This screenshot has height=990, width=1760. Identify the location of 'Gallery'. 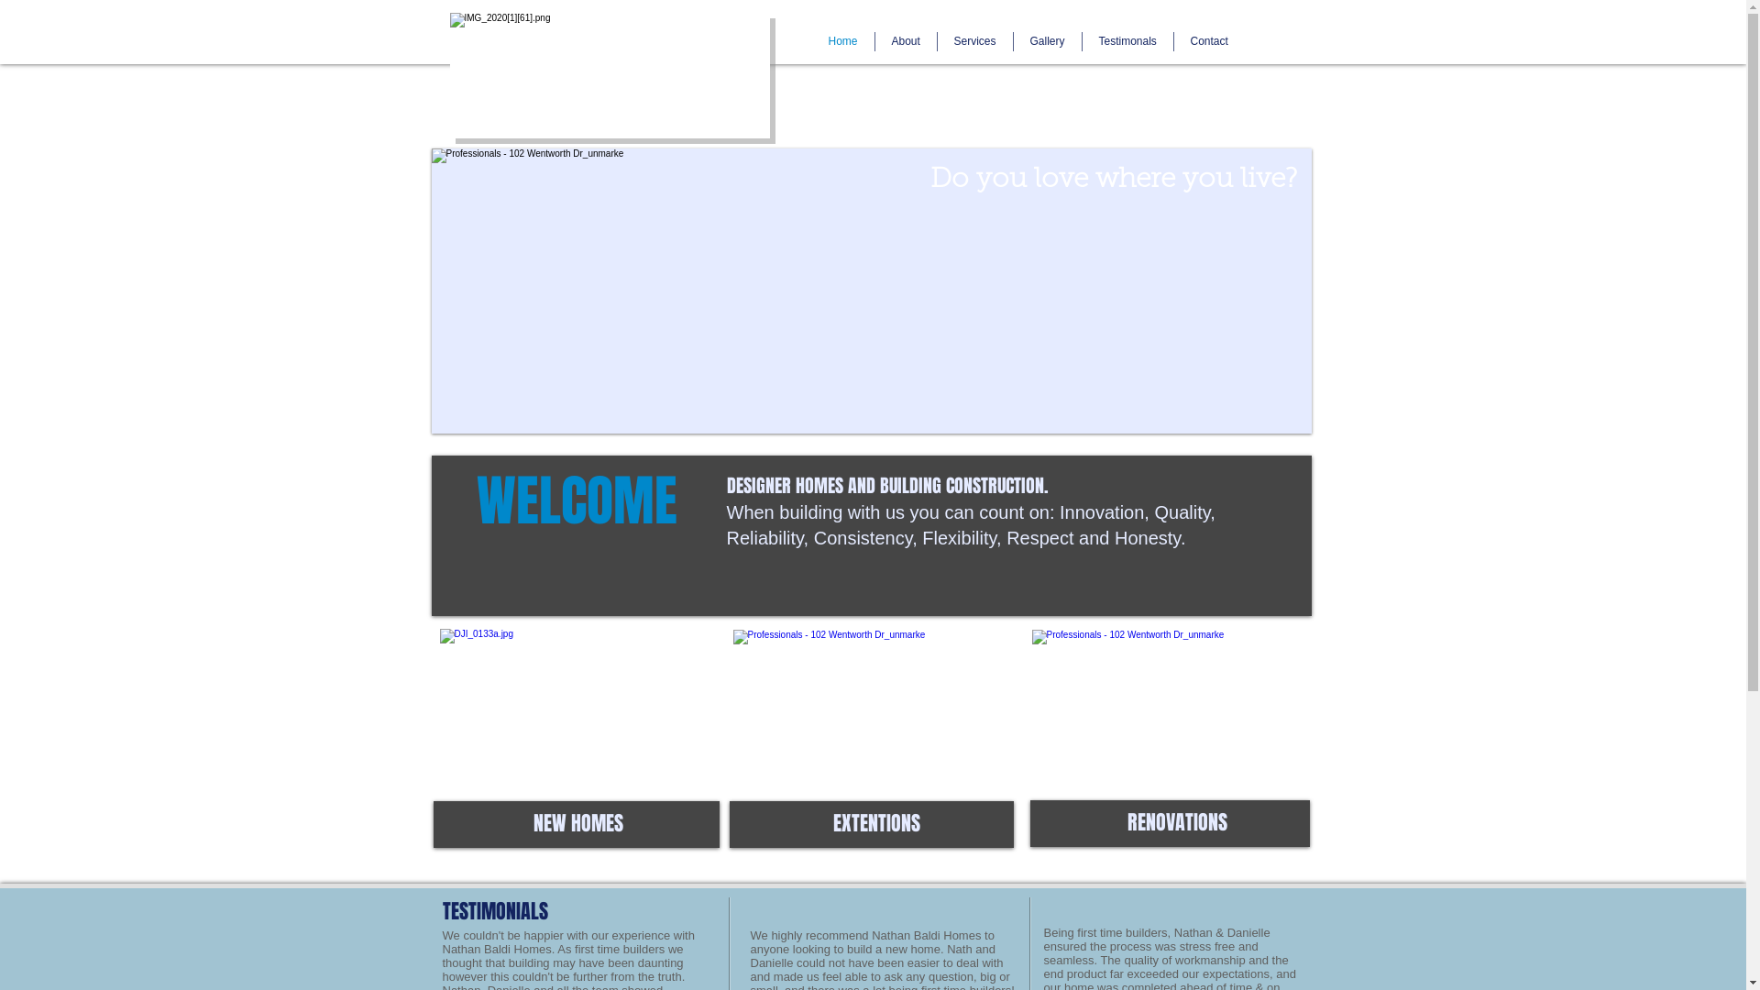
(1047, 41).